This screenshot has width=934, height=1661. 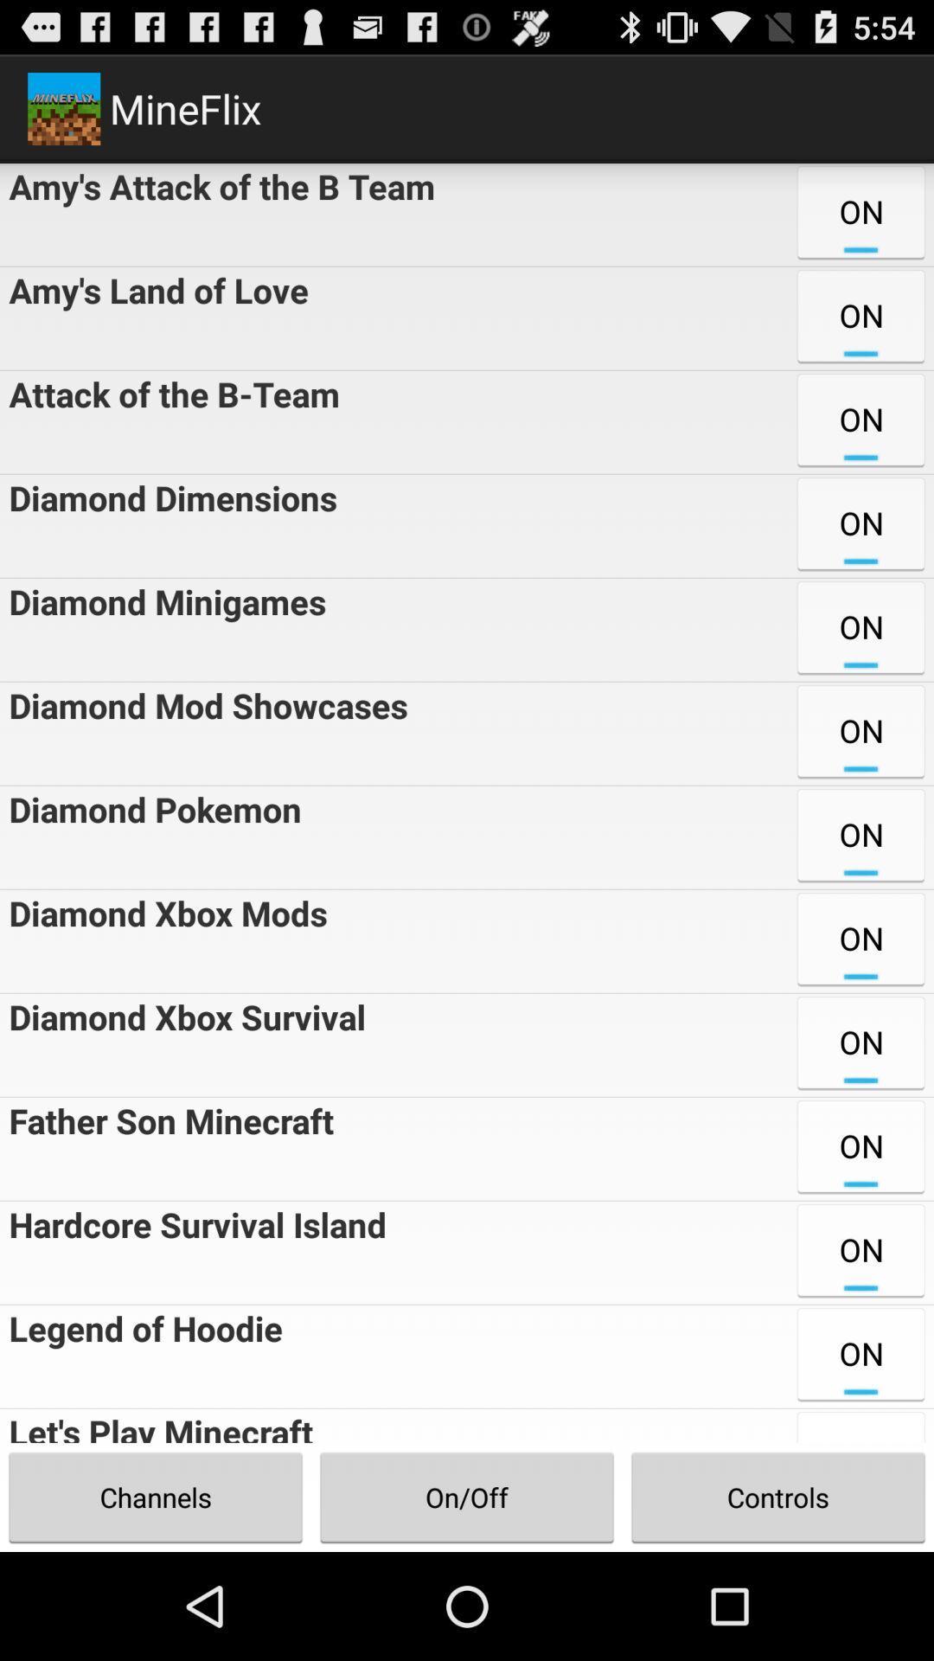 What do you see at coordinates (167, 1149) in the screenshot?
I see `father son minecraft icon` at bounding box center [167, 1149].